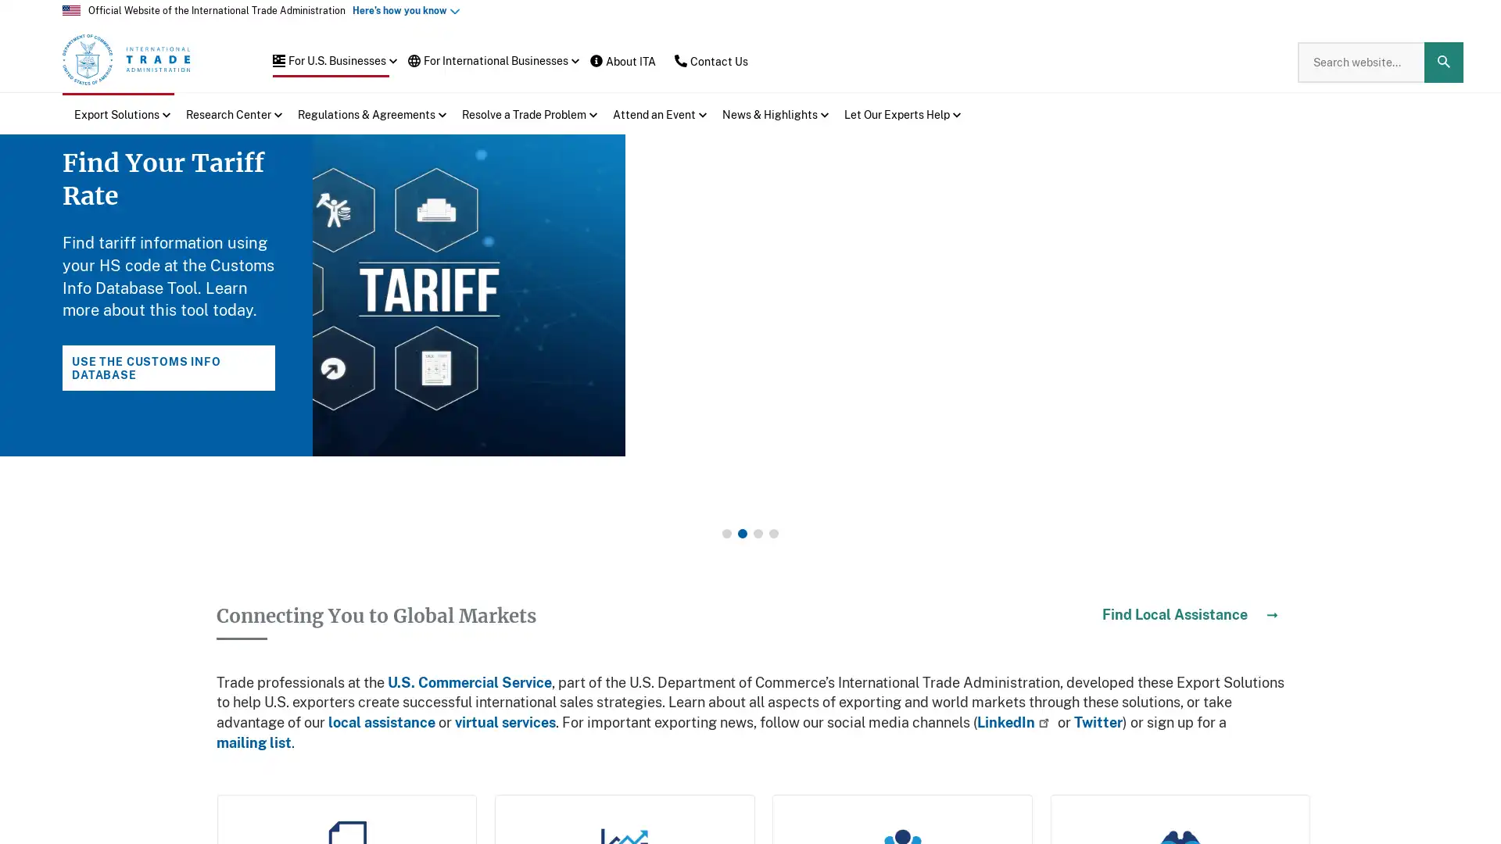  I want to click on Contact Us, so click(709, 60).